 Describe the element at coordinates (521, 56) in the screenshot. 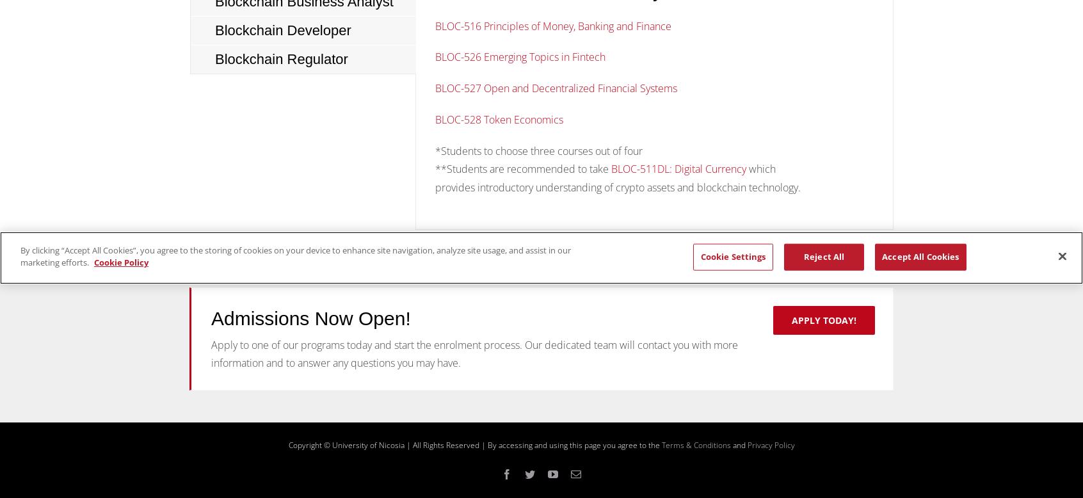

I see `'BLOC-526 Emerging Topics in Fintech'` at that location.